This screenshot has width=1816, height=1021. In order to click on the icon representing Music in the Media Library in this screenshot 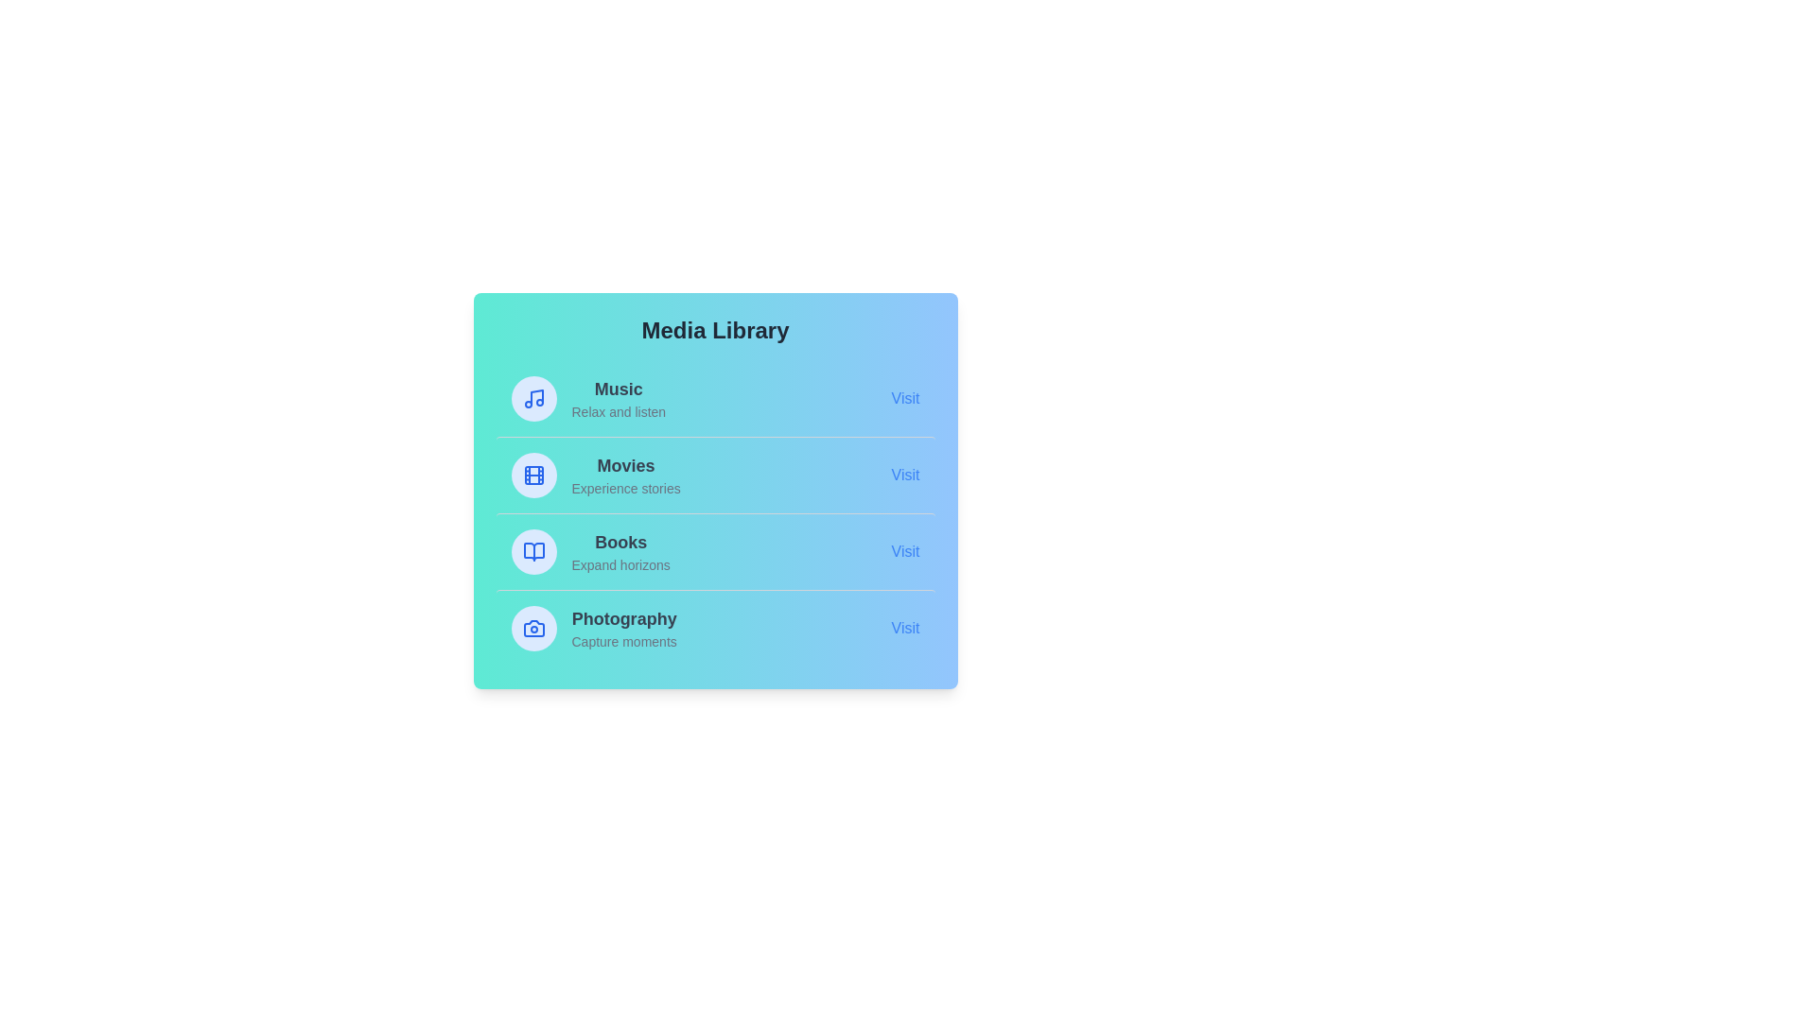, I will do `click(533, 397)`.